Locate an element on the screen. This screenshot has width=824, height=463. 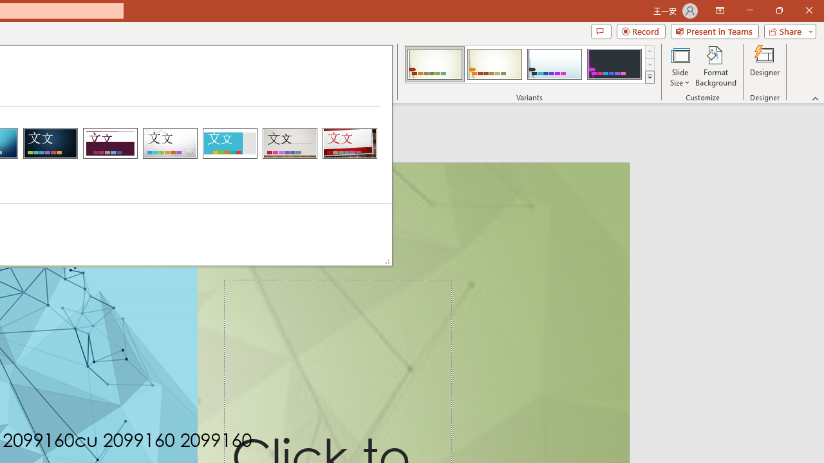
'Wisp Variant 4' is located at coordinates (613, 64).